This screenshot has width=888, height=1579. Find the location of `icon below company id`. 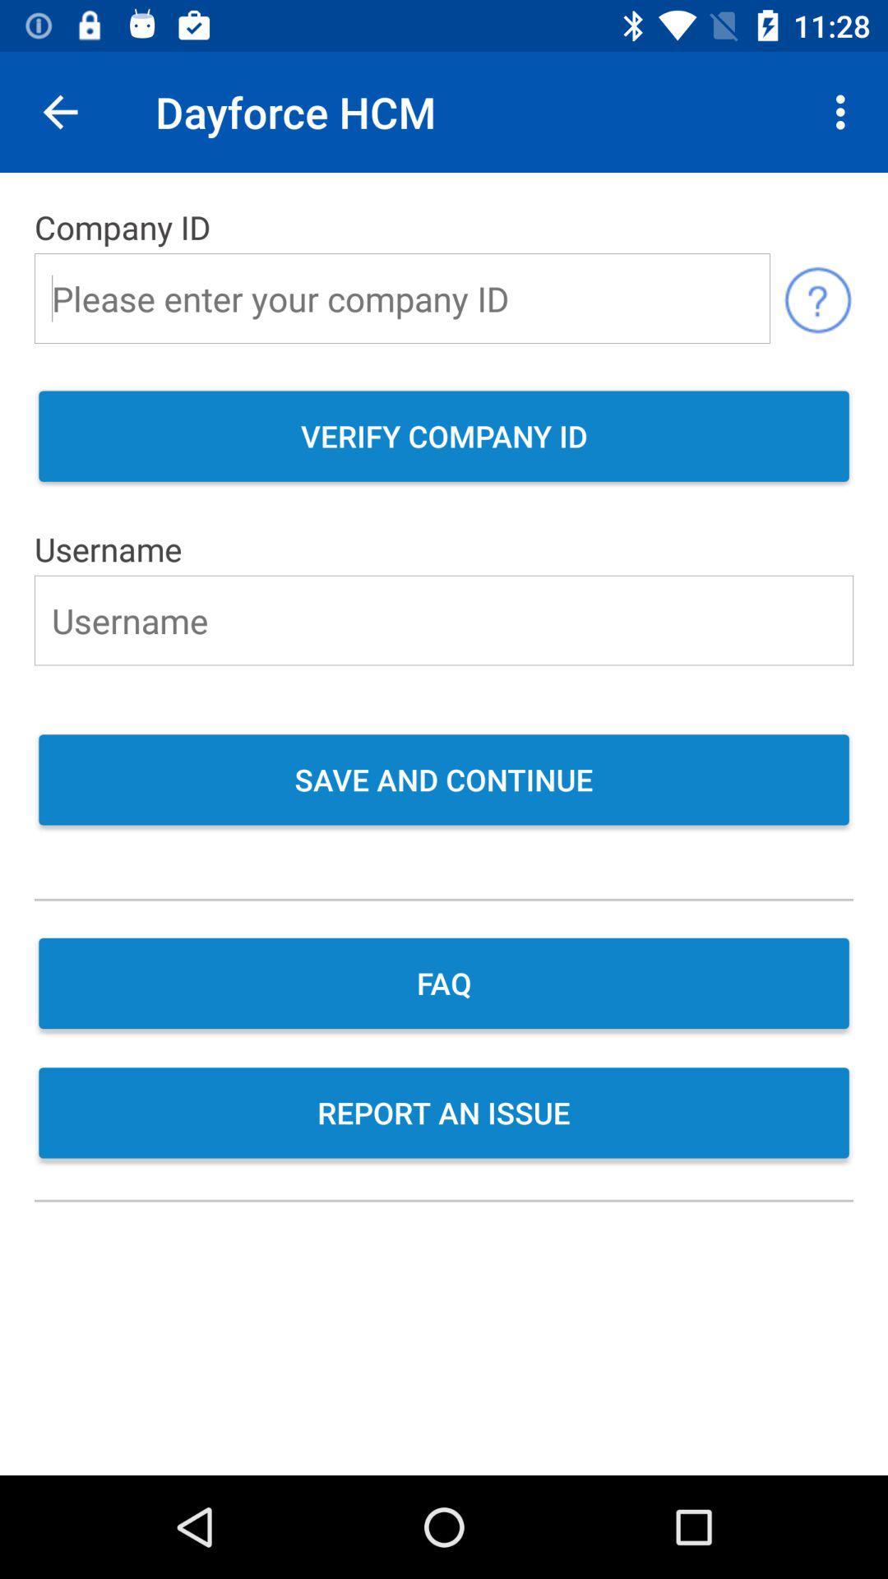

icon below company id is located at coordinates (817, 299).